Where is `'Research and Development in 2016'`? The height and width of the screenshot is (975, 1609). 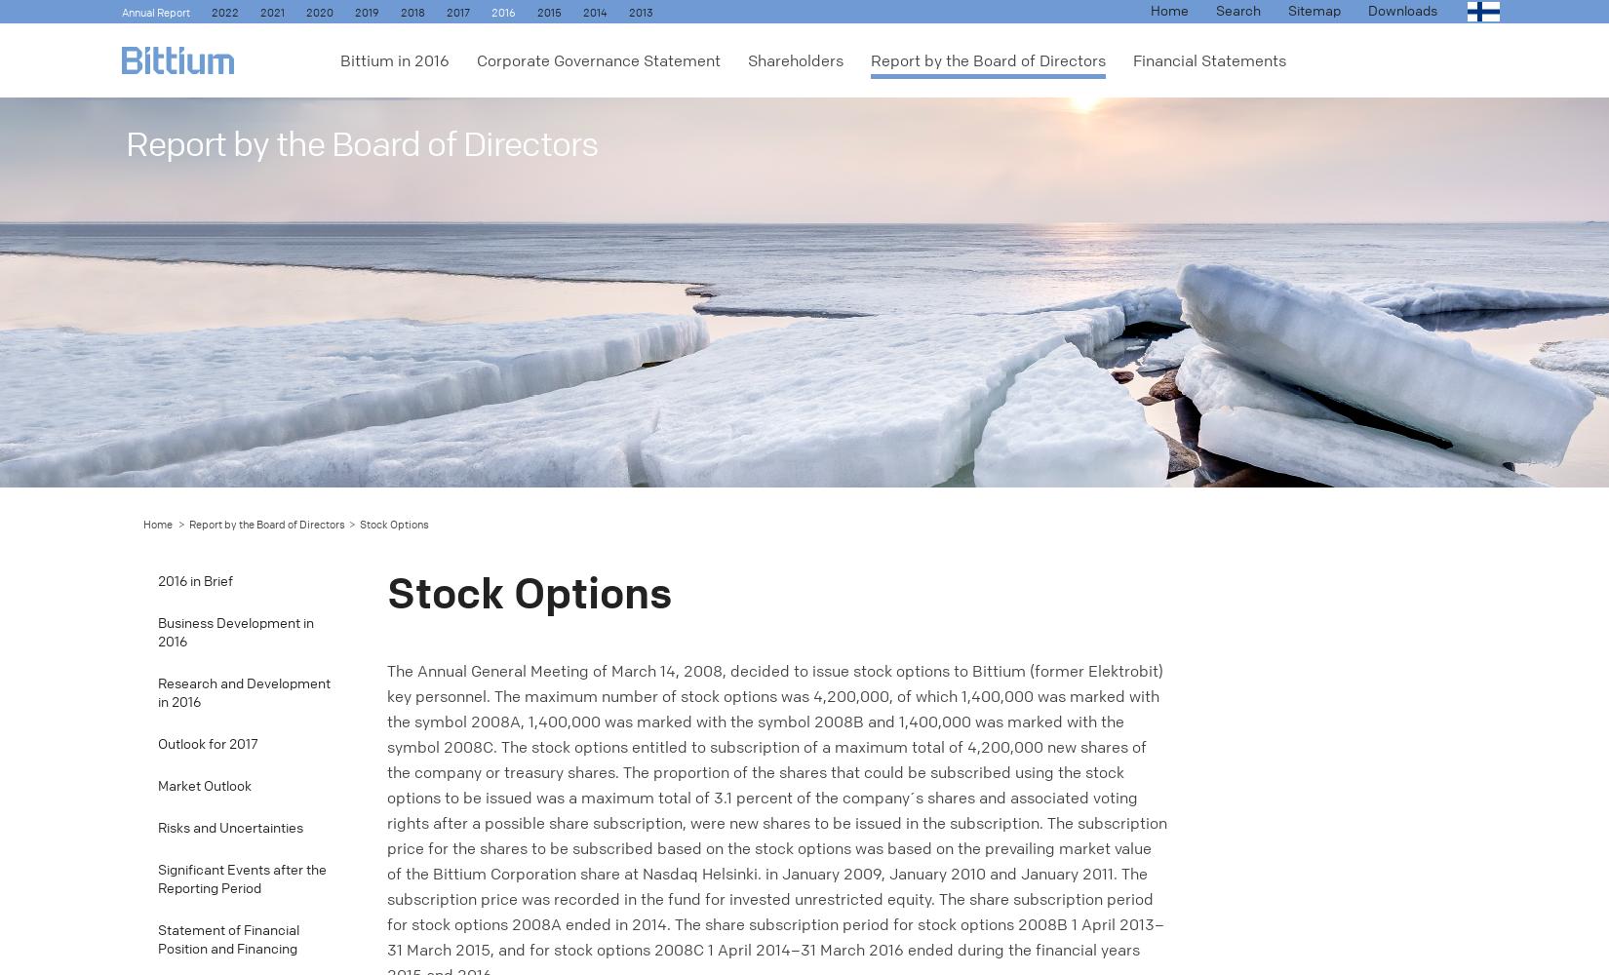
'Research and Development in 2016' is located at coordinates (243, 692).